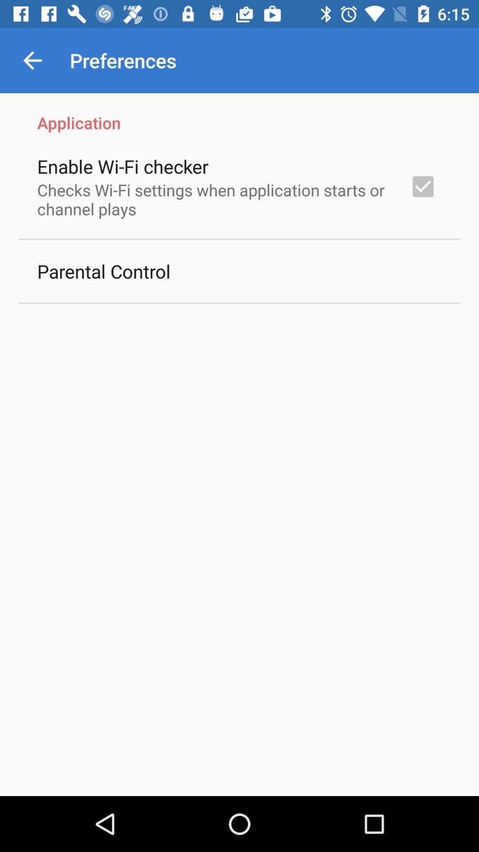 The image size is (479, 852). Describe the element at coordinates (32, 60) in the screenshot. I see `the app next to the preferences item` at that location.